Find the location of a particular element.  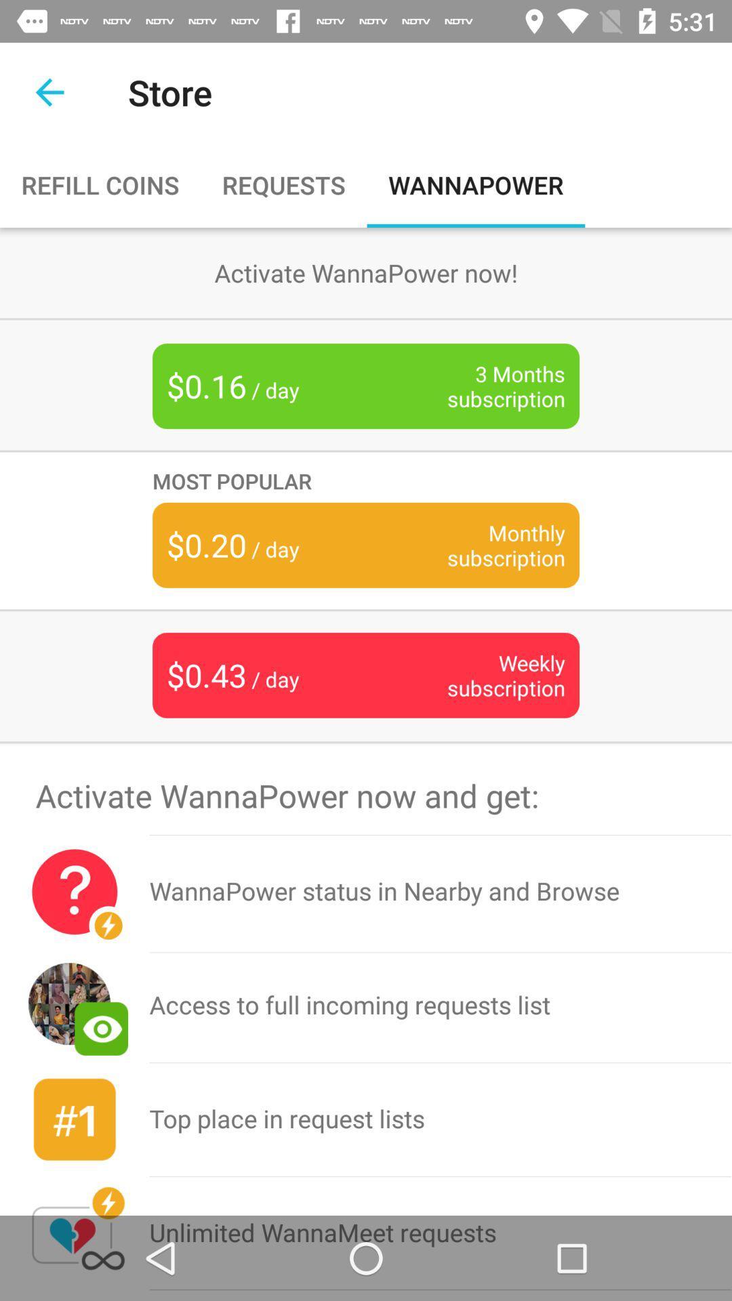

go back is located at coordinates (49, 91).